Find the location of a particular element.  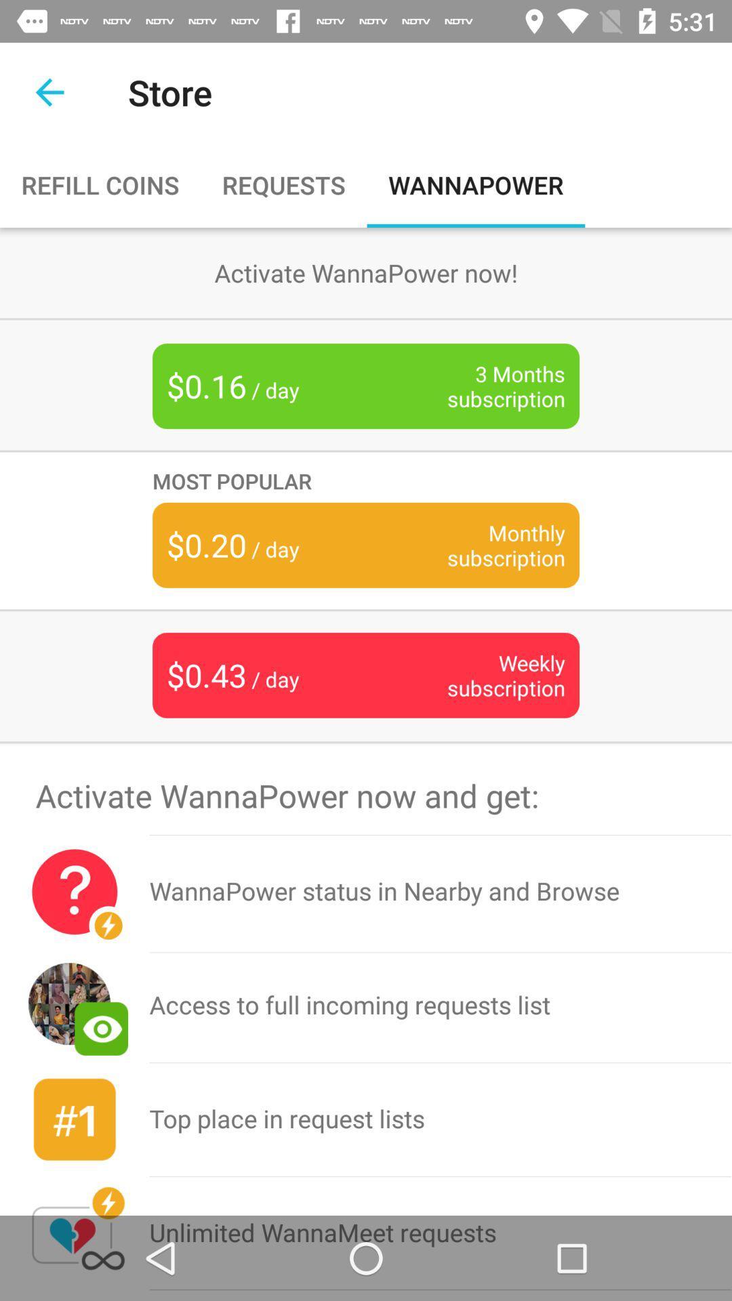

go back is located at coordinates (49, 91).